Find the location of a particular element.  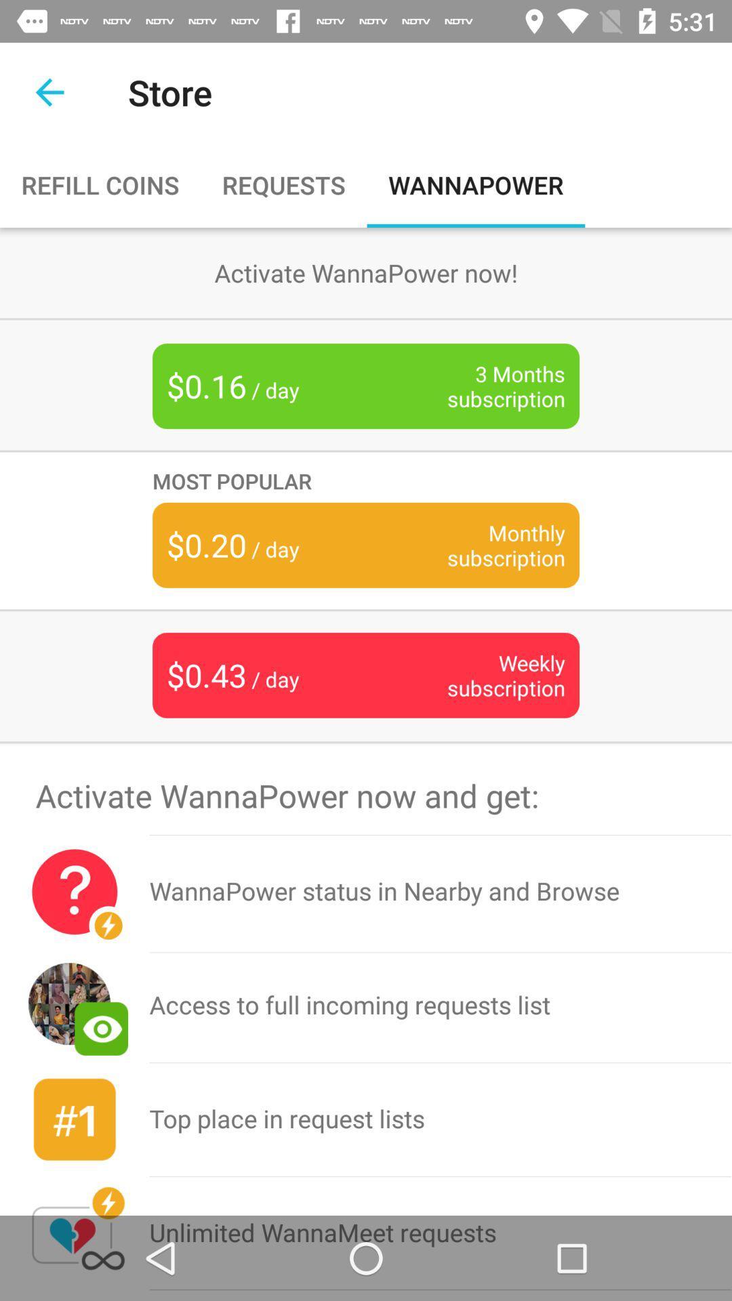

go back is located at coordinates (49, 91).